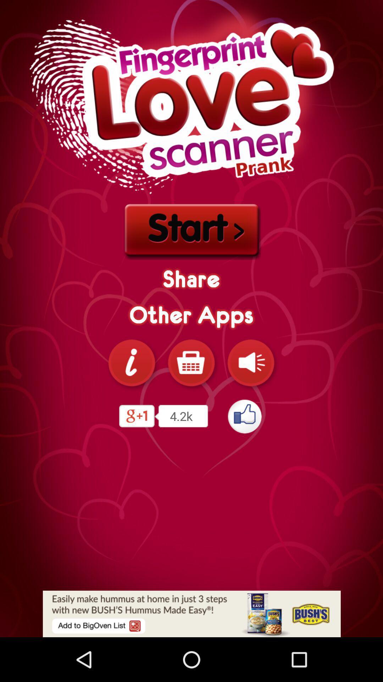  What do you see at coordinates (251, 363) in the screenshot?
I see `tag the sound` at bounding box center [251, 363].